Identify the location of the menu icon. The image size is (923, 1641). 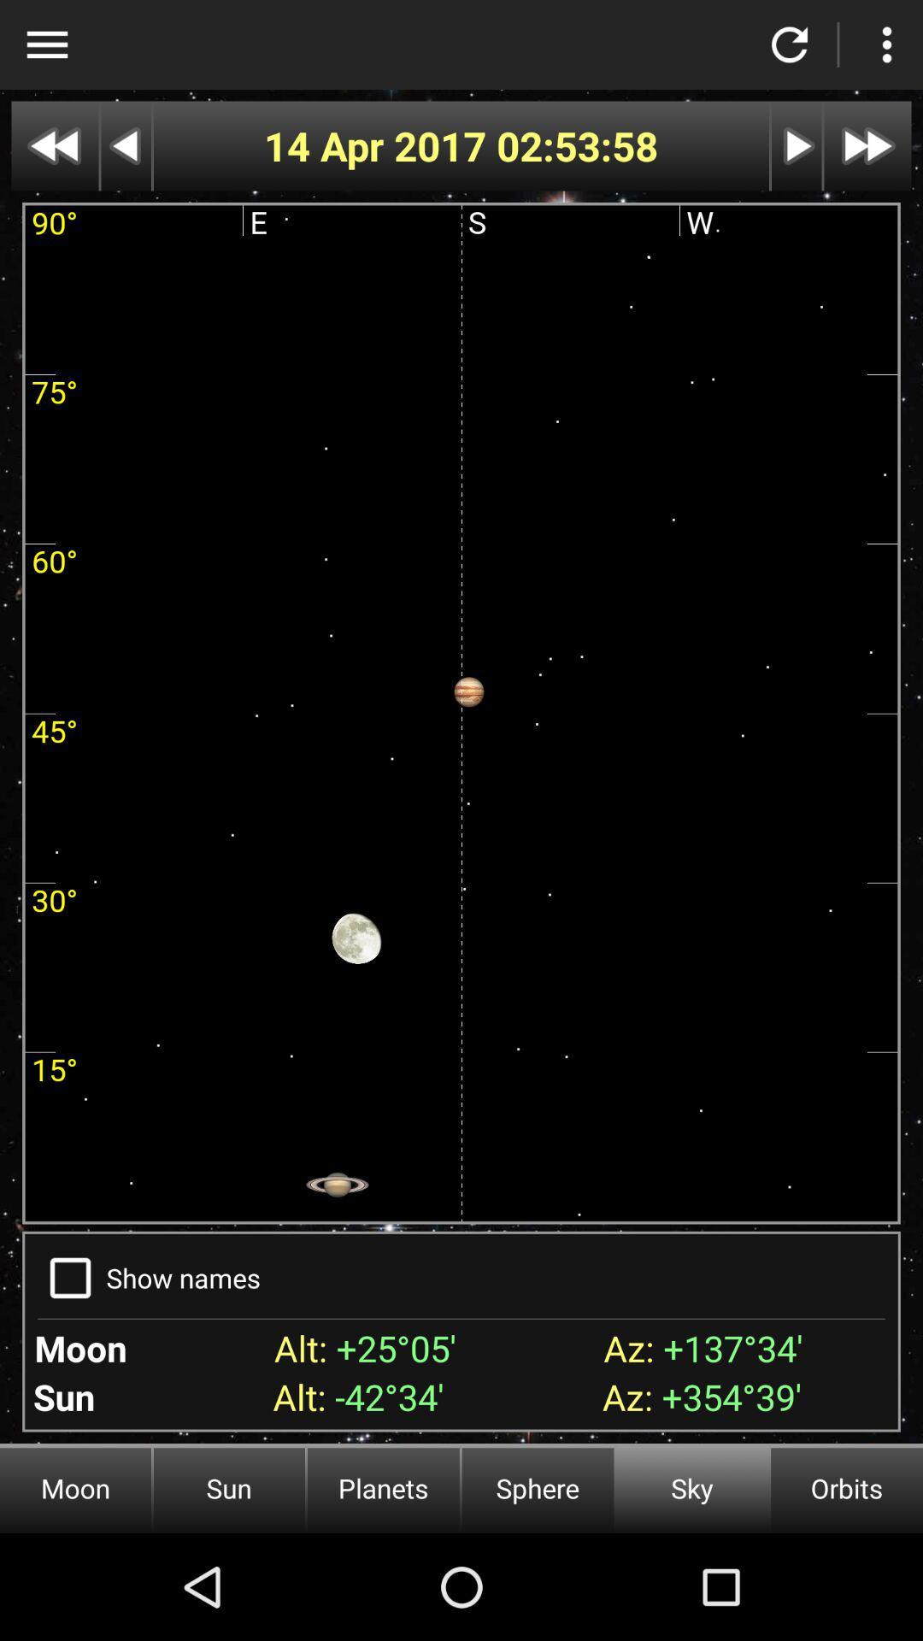
(46, 44).